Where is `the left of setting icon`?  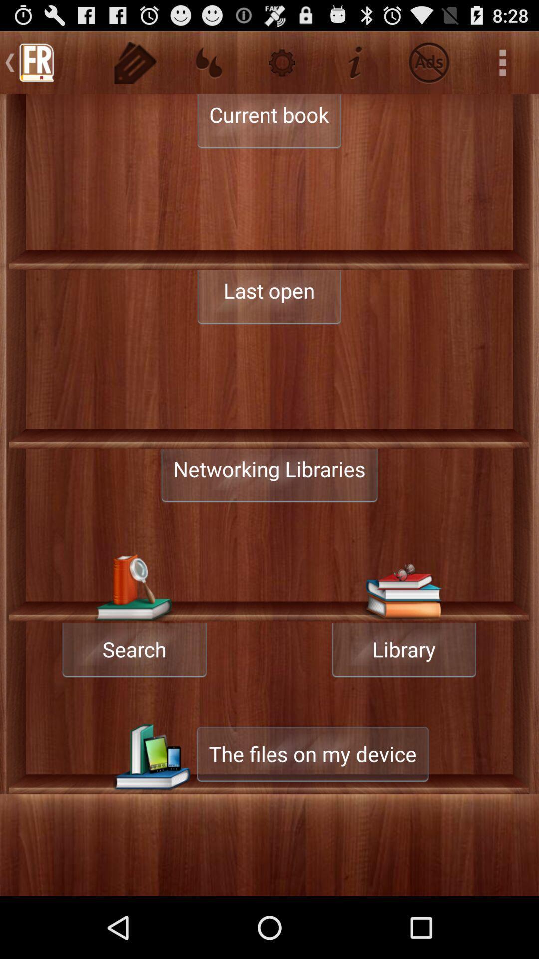
the left of setting icon is located at coordinates (208, 62).